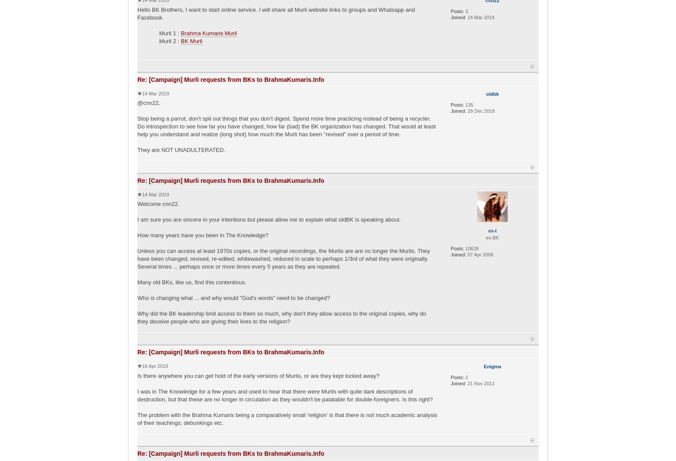  What do you see at coordinates (492, 237) in the screenshot?
I see `'ex-BK'` at bounding box center [492, 237].